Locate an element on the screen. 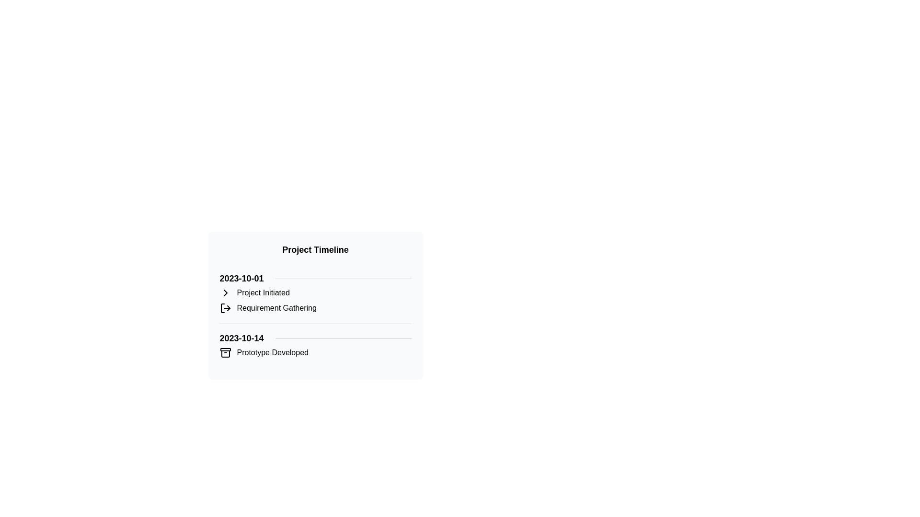 Image resolution: width=920 pixels, height=517 pixels. the 'Requirement Gathering' step is located at coordinates (315, 308).